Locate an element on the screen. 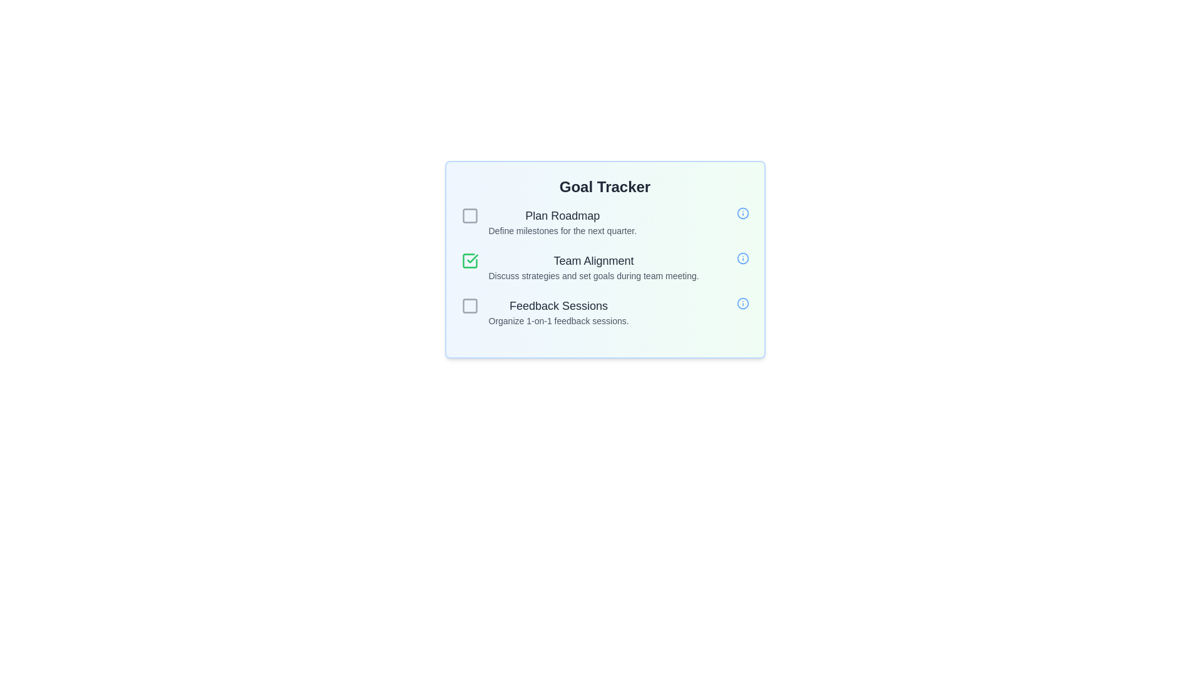 The height and width of the screenshot is (676, 1202). the checkbox element located to the left of the 'Feedback Sessions' text in the lower part of the vertically stacked list within a card layout is located at coordinates (469, 306).